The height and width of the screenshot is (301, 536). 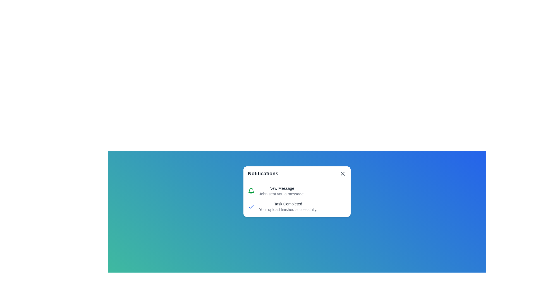 I want to click on the text block displaying 'Task Completed' and 'Your upload finished successfully', so click(x=288, y=207).